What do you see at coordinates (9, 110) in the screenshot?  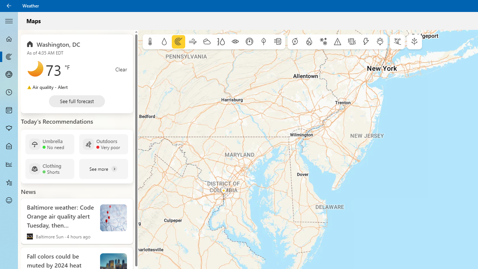 I see `'Monthly Forecast - Not Selected'` at bounding box center [9, 110].